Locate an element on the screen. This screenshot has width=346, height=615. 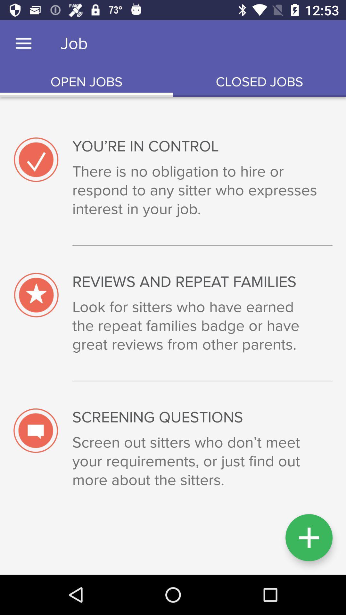
item next to the open jobs icon is located at coordinates (259, 82).